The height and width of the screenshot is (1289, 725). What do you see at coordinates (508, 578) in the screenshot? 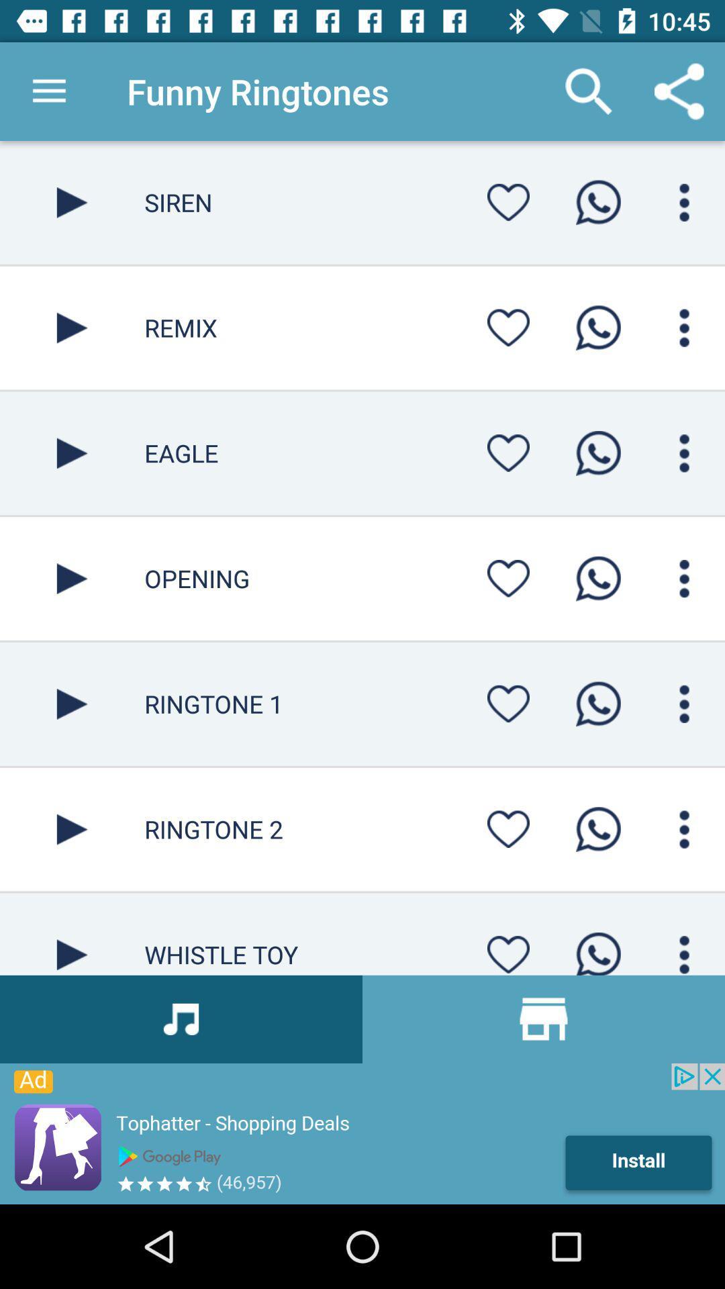
I see `like` at bounding box center [508, 578].